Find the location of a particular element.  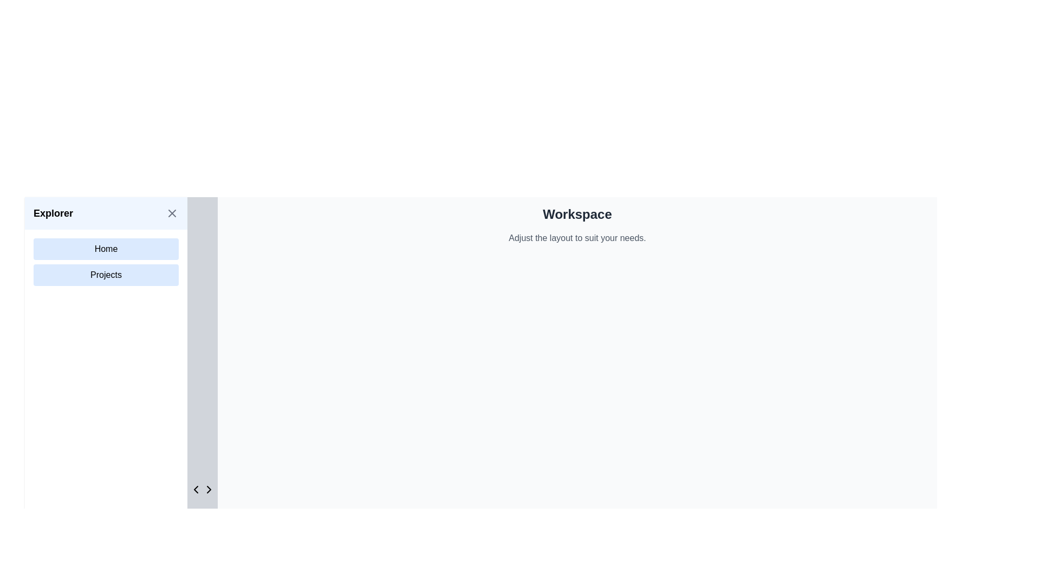

the Static Text Label that serves as a heading or title for the section, located in the light blue bar of the left-side panel is located at coordinates (53, 213).